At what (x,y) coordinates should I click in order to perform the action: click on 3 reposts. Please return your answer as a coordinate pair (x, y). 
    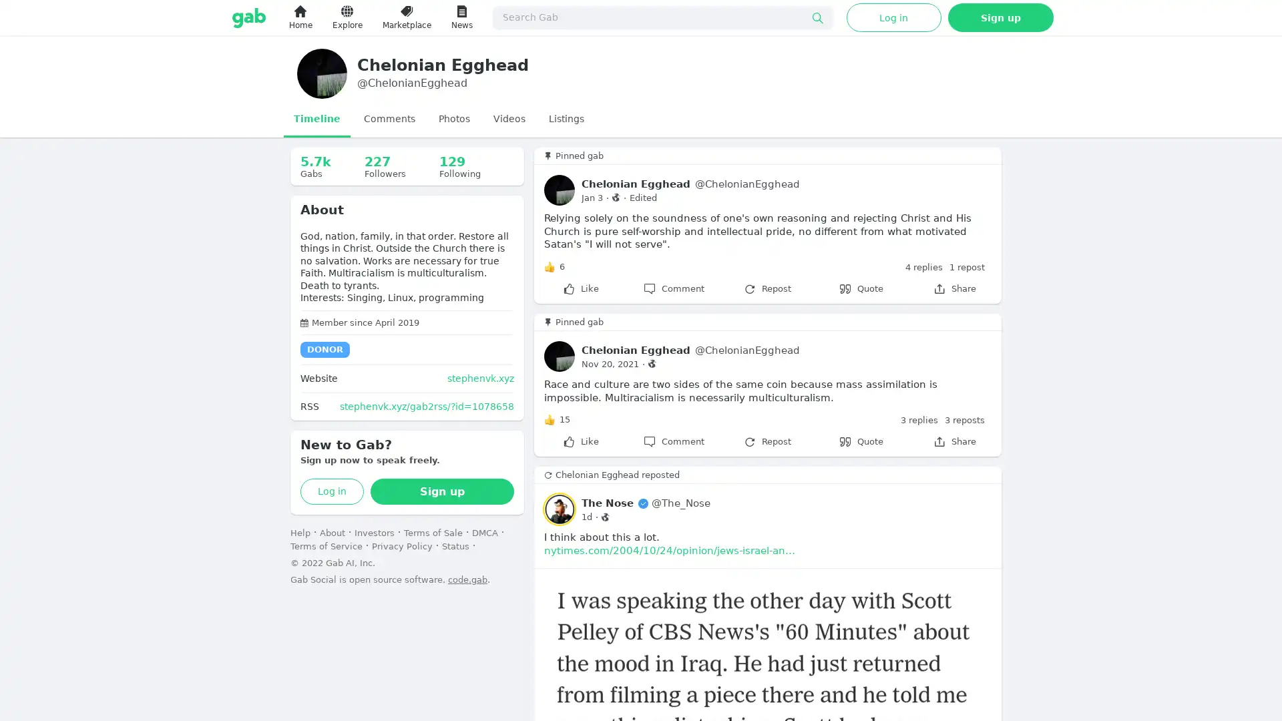
    Looking at the image, I should click on (964, 419).